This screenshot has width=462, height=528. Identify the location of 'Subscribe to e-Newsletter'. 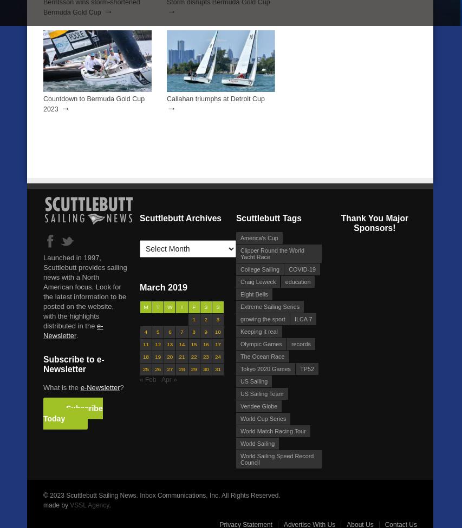
(43, 363).